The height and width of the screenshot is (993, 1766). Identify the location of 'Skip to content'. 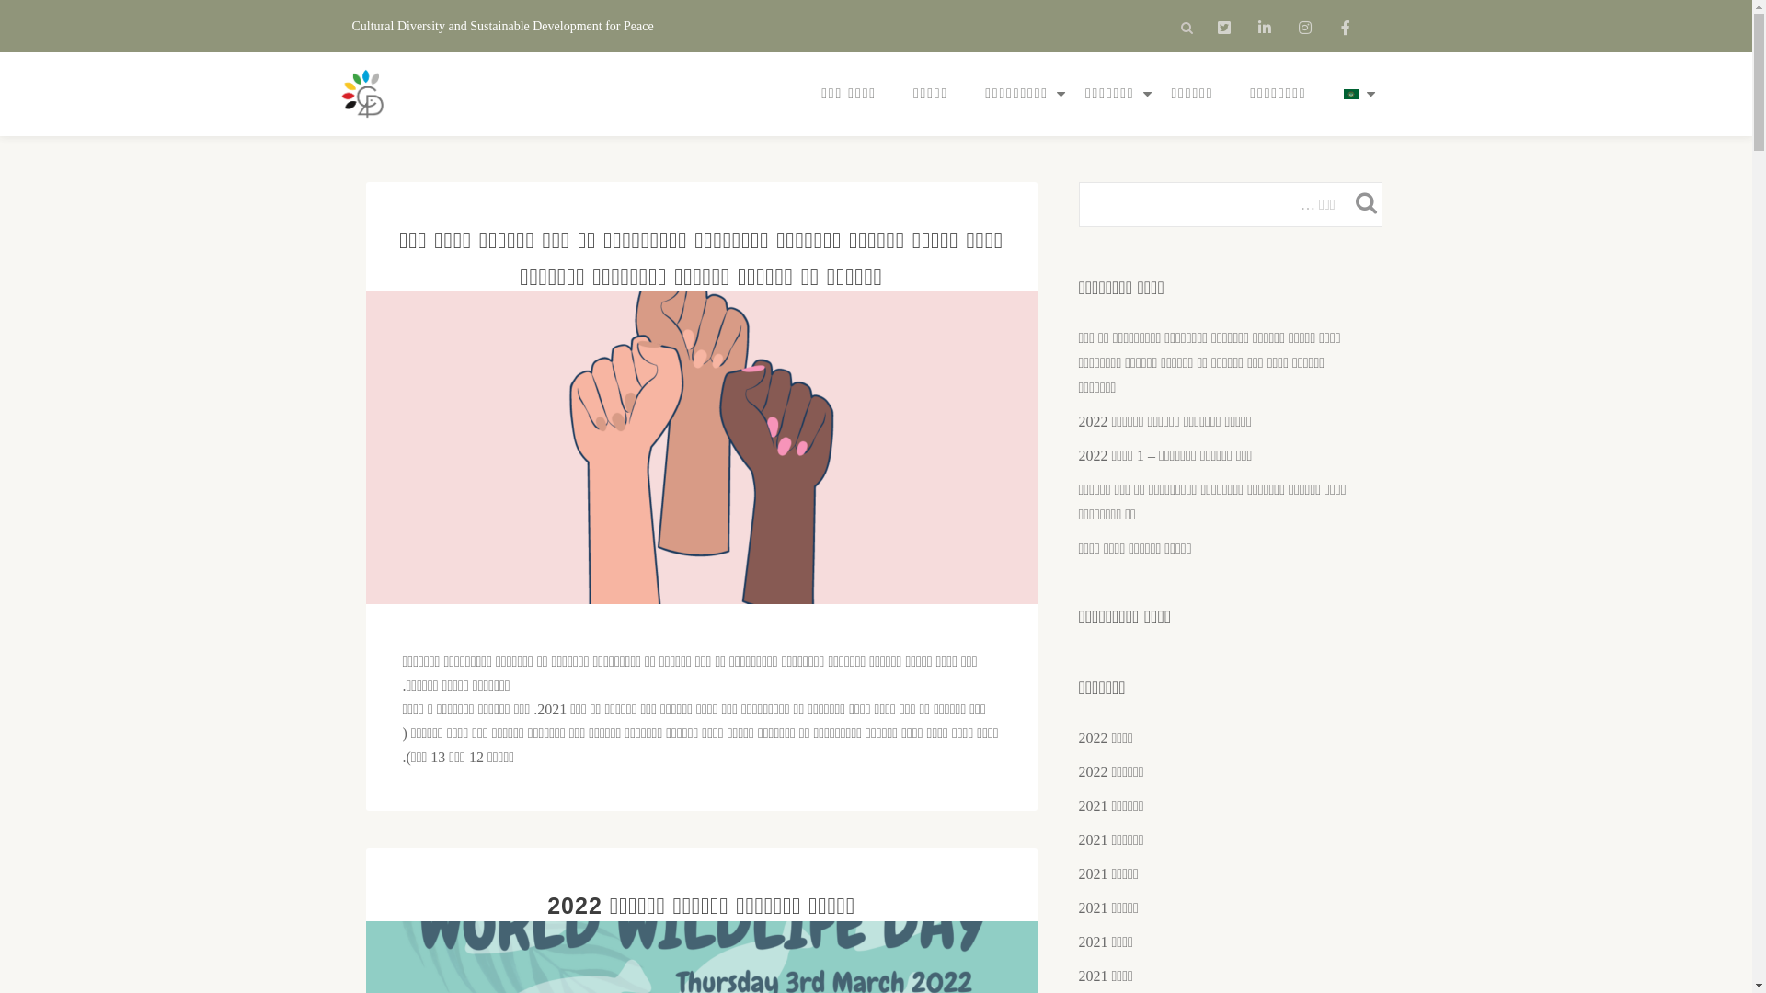
(0, 36).